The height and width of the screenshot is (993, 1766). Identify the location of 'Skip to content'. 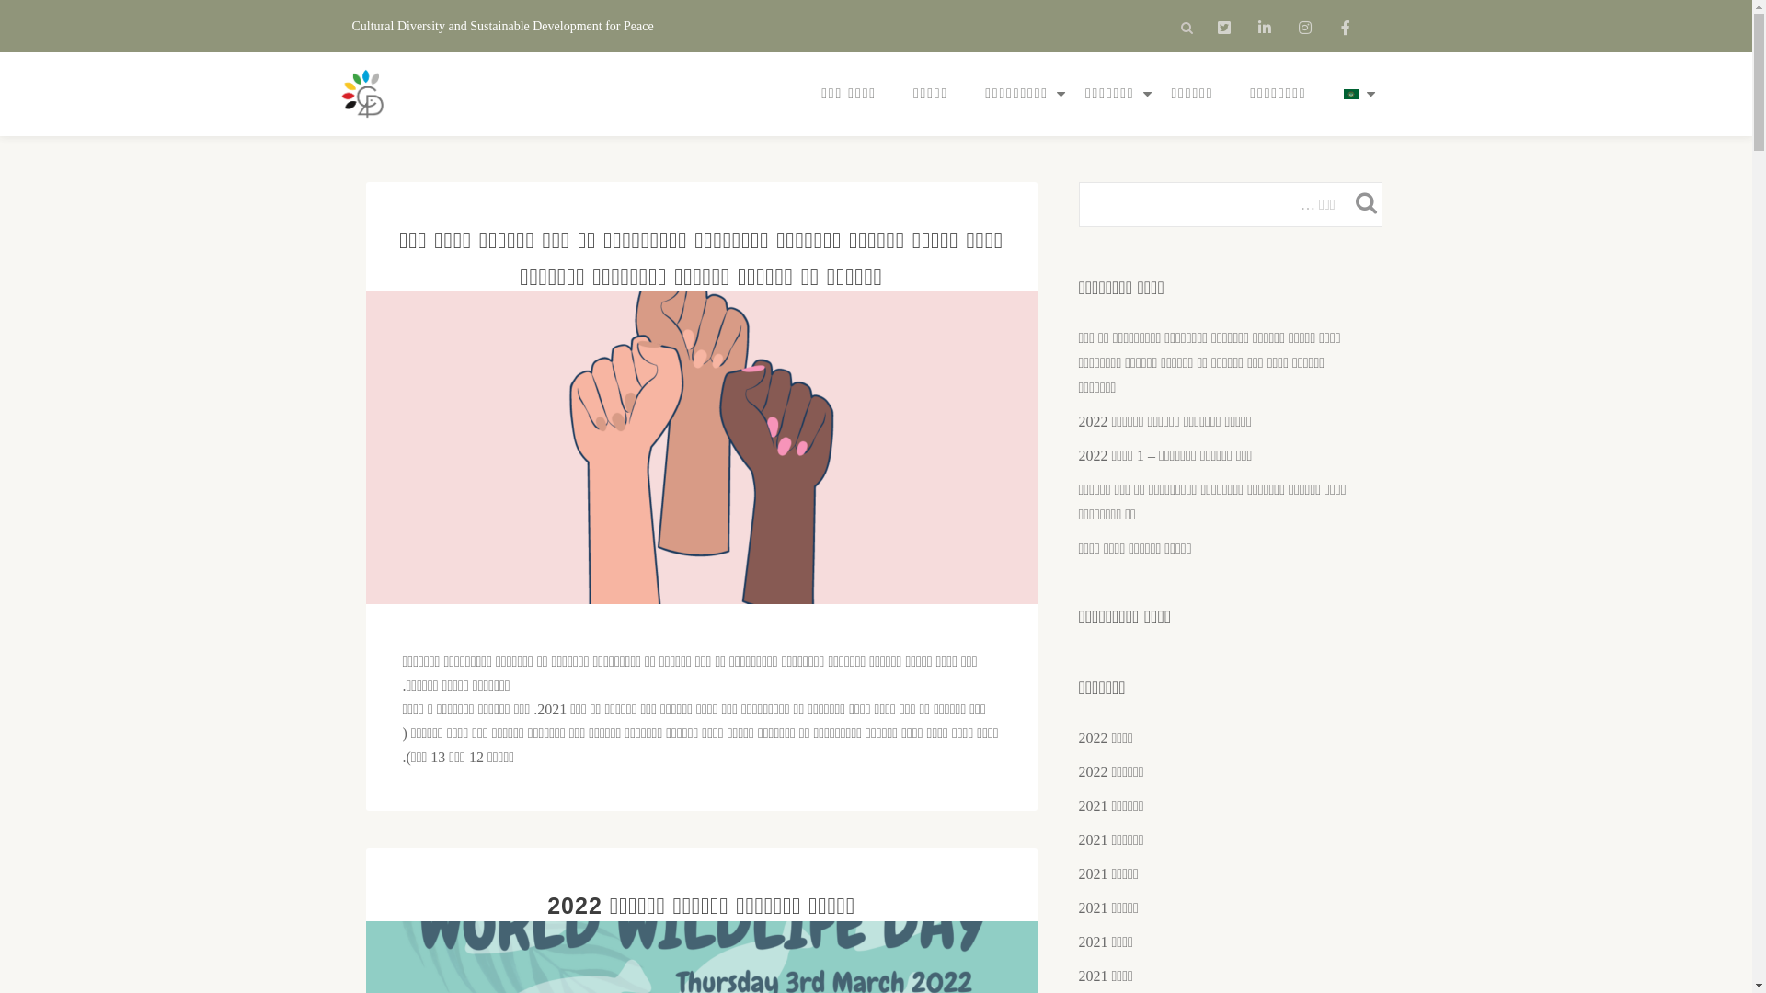
(0, 36).